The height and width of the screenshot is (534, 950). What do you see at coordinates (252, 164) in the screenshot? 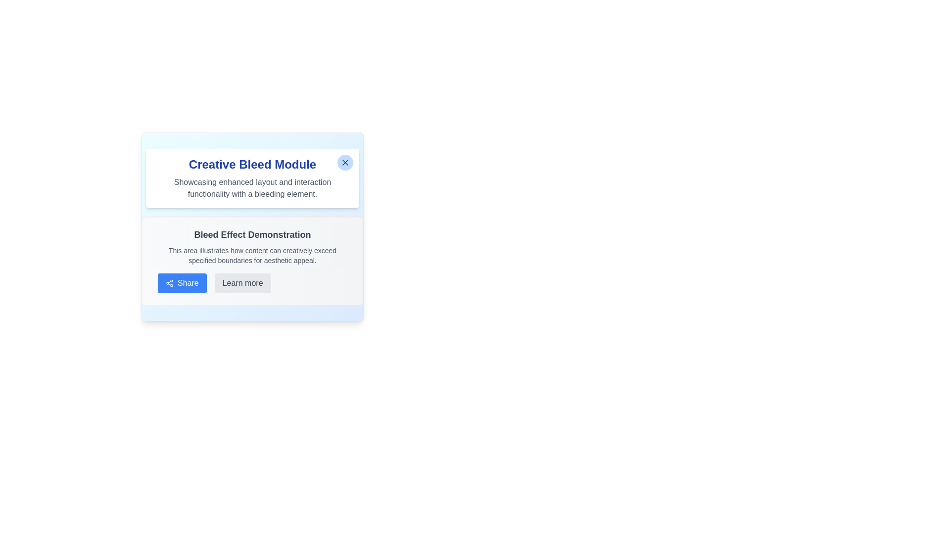
I see `the static text element displaying 'Creative Bleed Module' in bold, large blue font, positioned at the top of the card` at bounding box center [252, 164].